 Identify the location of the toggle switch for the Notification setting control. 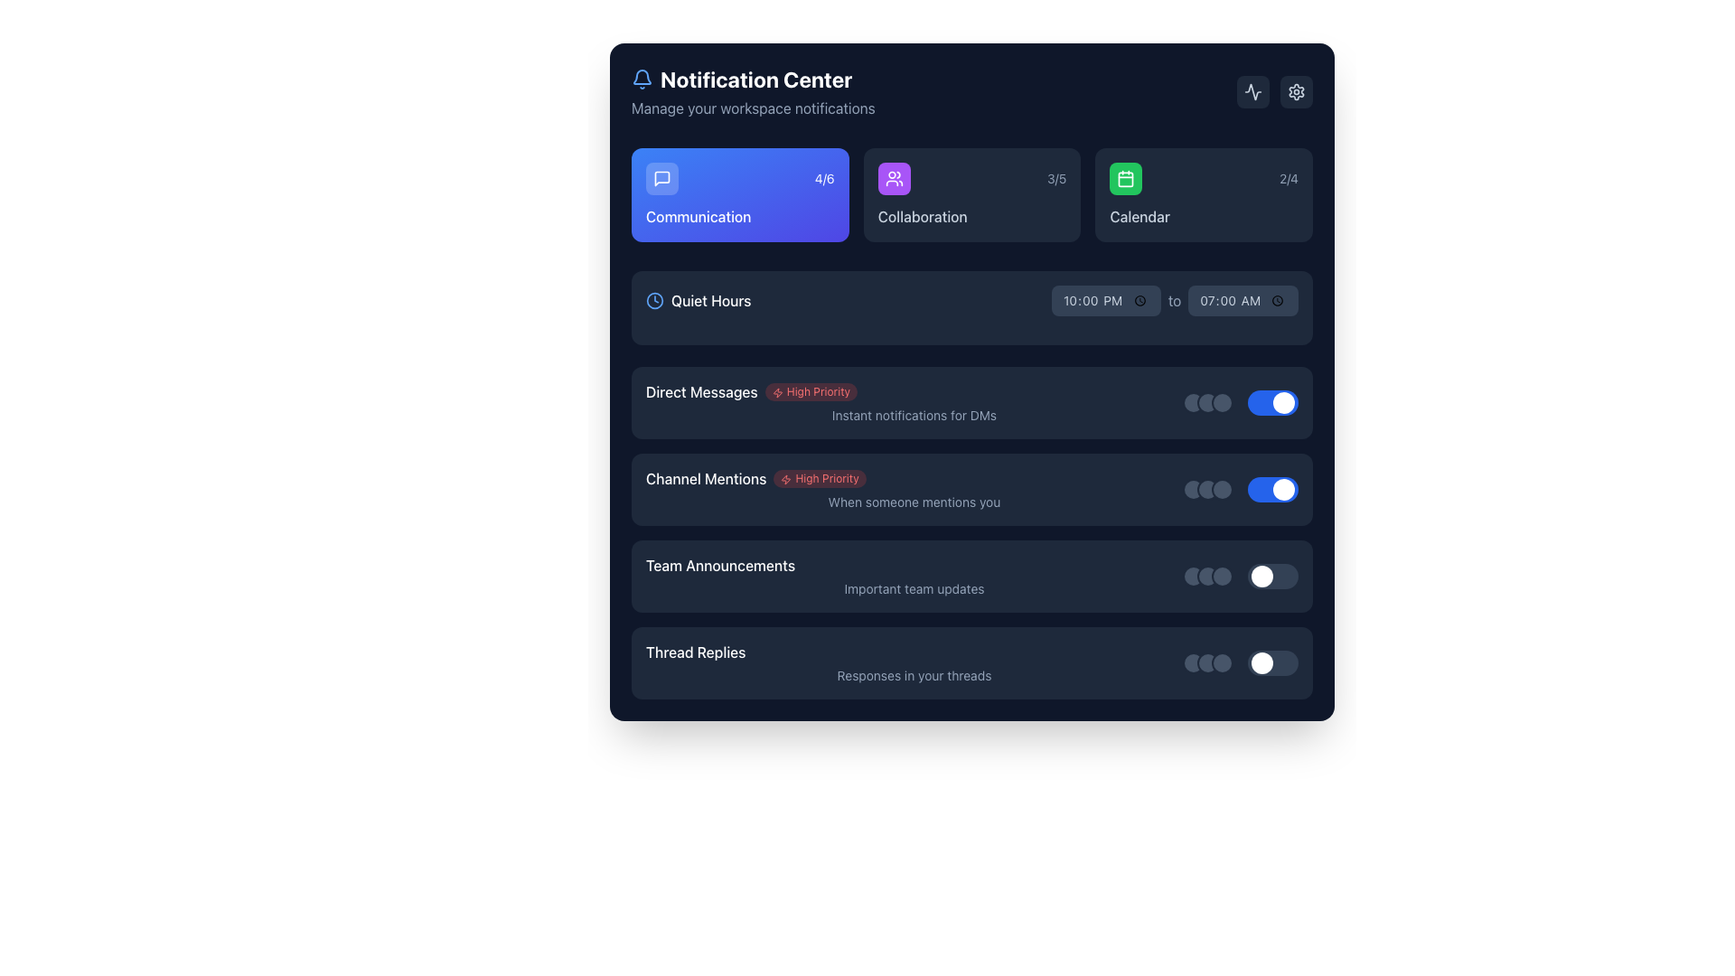
(971, 662).